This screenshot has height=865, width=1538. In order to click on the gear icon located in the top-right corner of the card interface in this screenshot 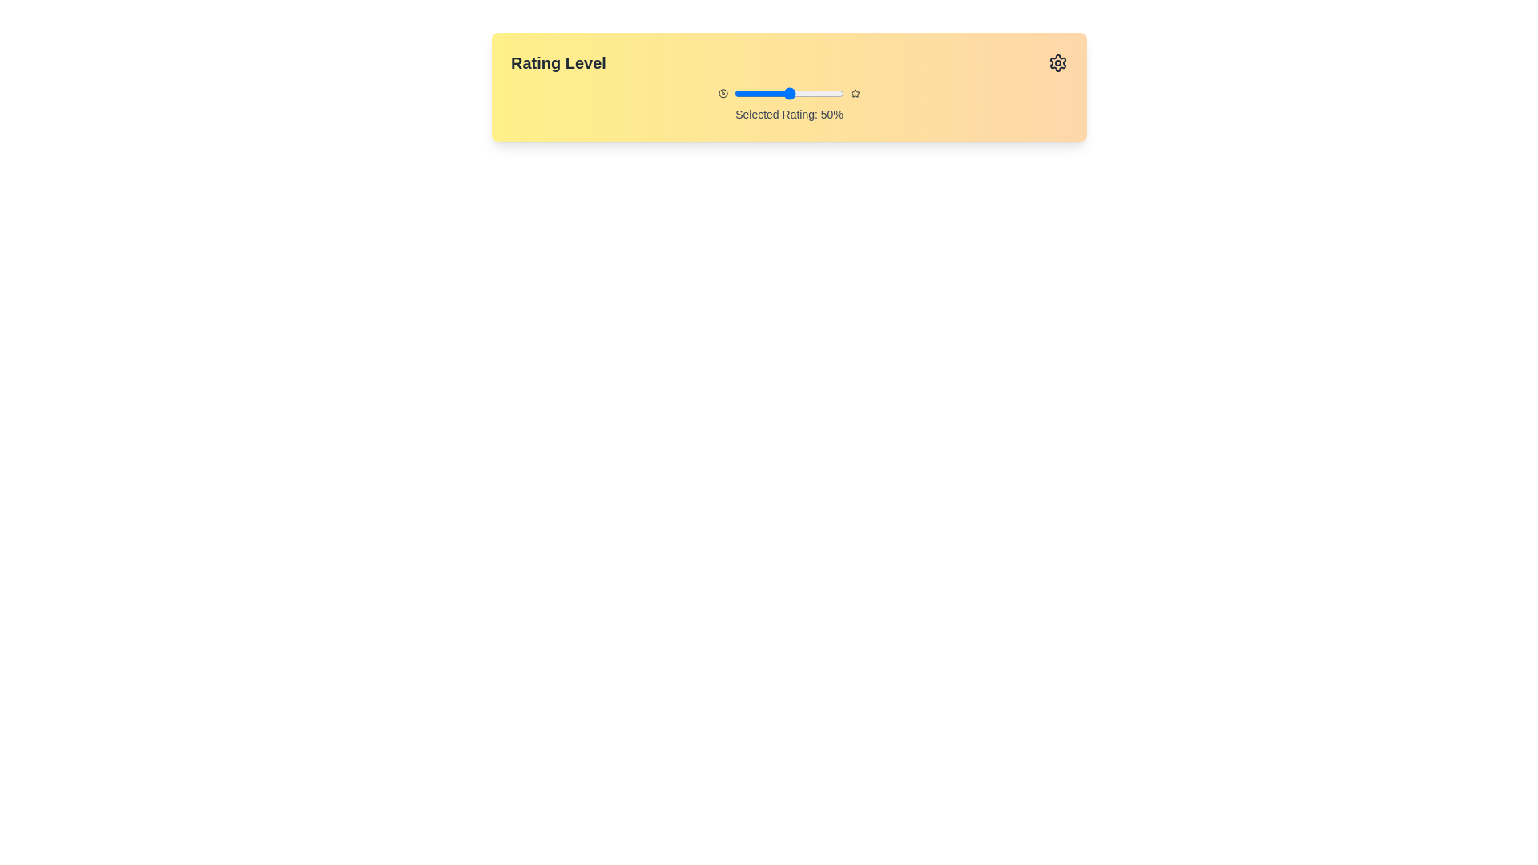, I will do `click(1057, 62)`.